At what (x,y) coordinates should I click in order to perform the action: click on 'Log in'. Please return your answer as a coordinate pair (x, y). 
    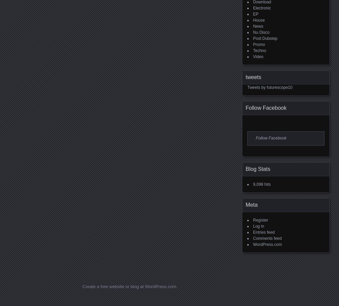
    Looking at the image, I should click on (258, 225).